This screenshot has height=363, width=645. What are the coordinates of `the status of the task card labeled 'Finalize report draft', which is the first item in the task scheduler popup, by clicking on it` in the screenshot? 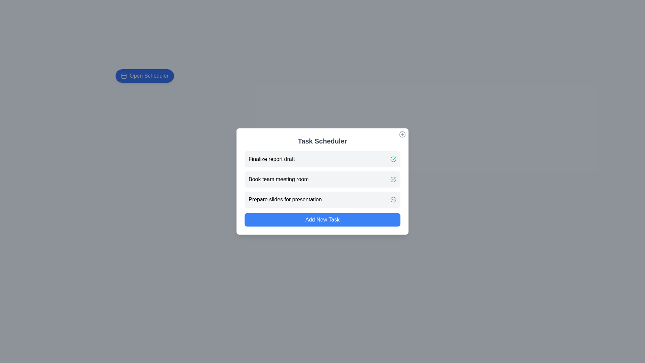 It's located at (322, 159).